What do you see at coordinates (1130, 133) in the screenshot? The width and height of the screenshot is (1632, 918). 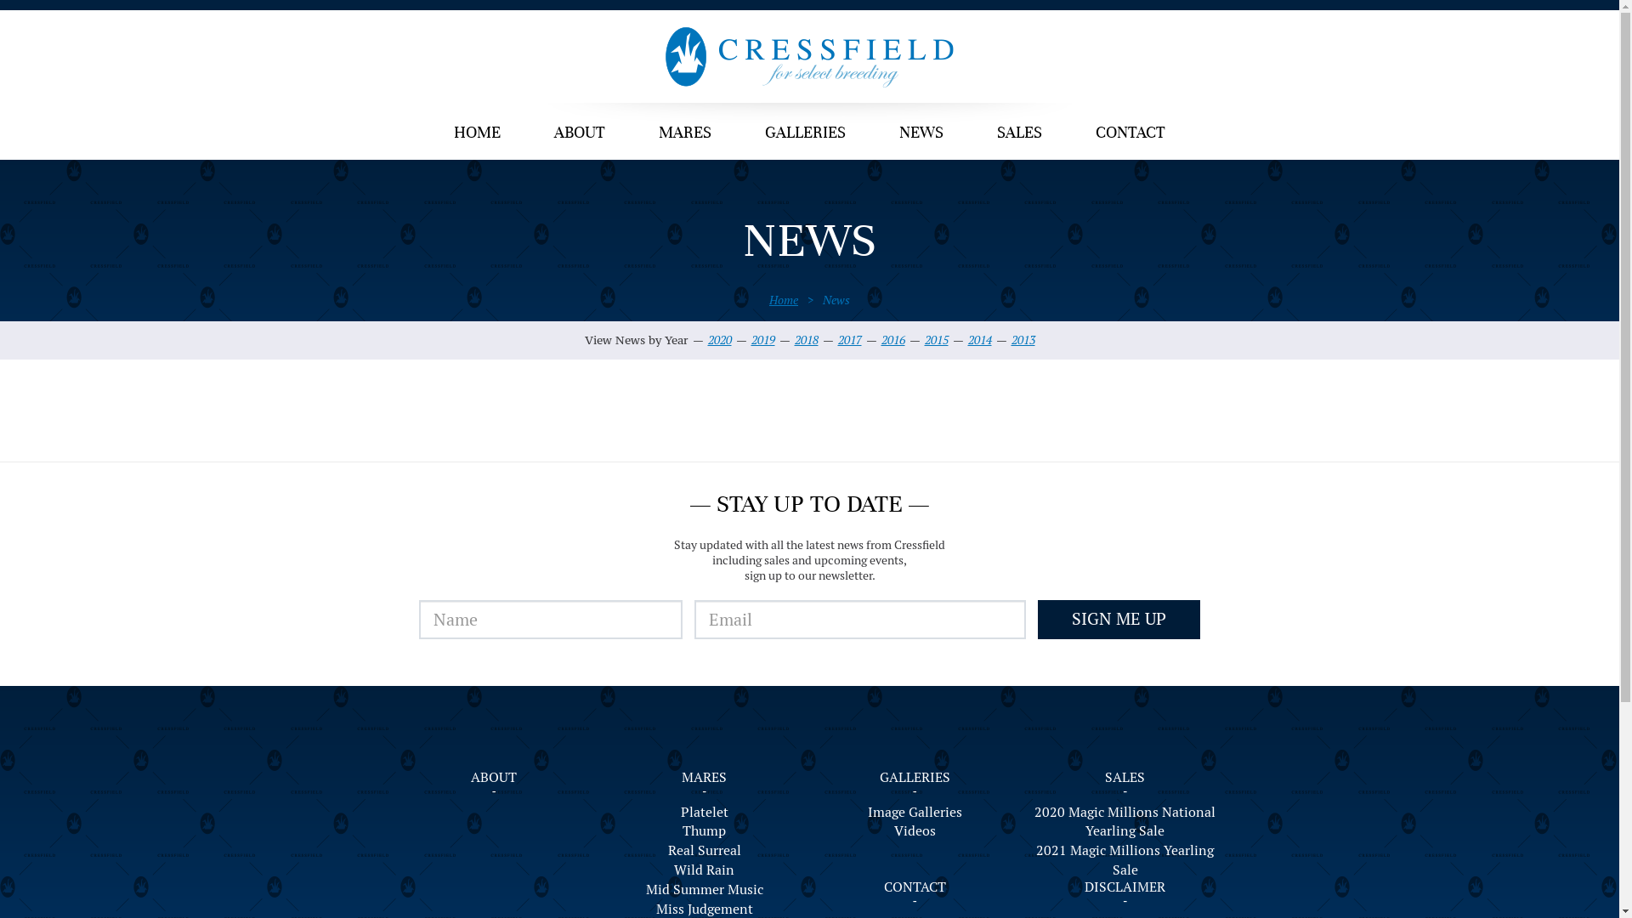 I see `'CONTACT'` at bounding box center [1130, 133].